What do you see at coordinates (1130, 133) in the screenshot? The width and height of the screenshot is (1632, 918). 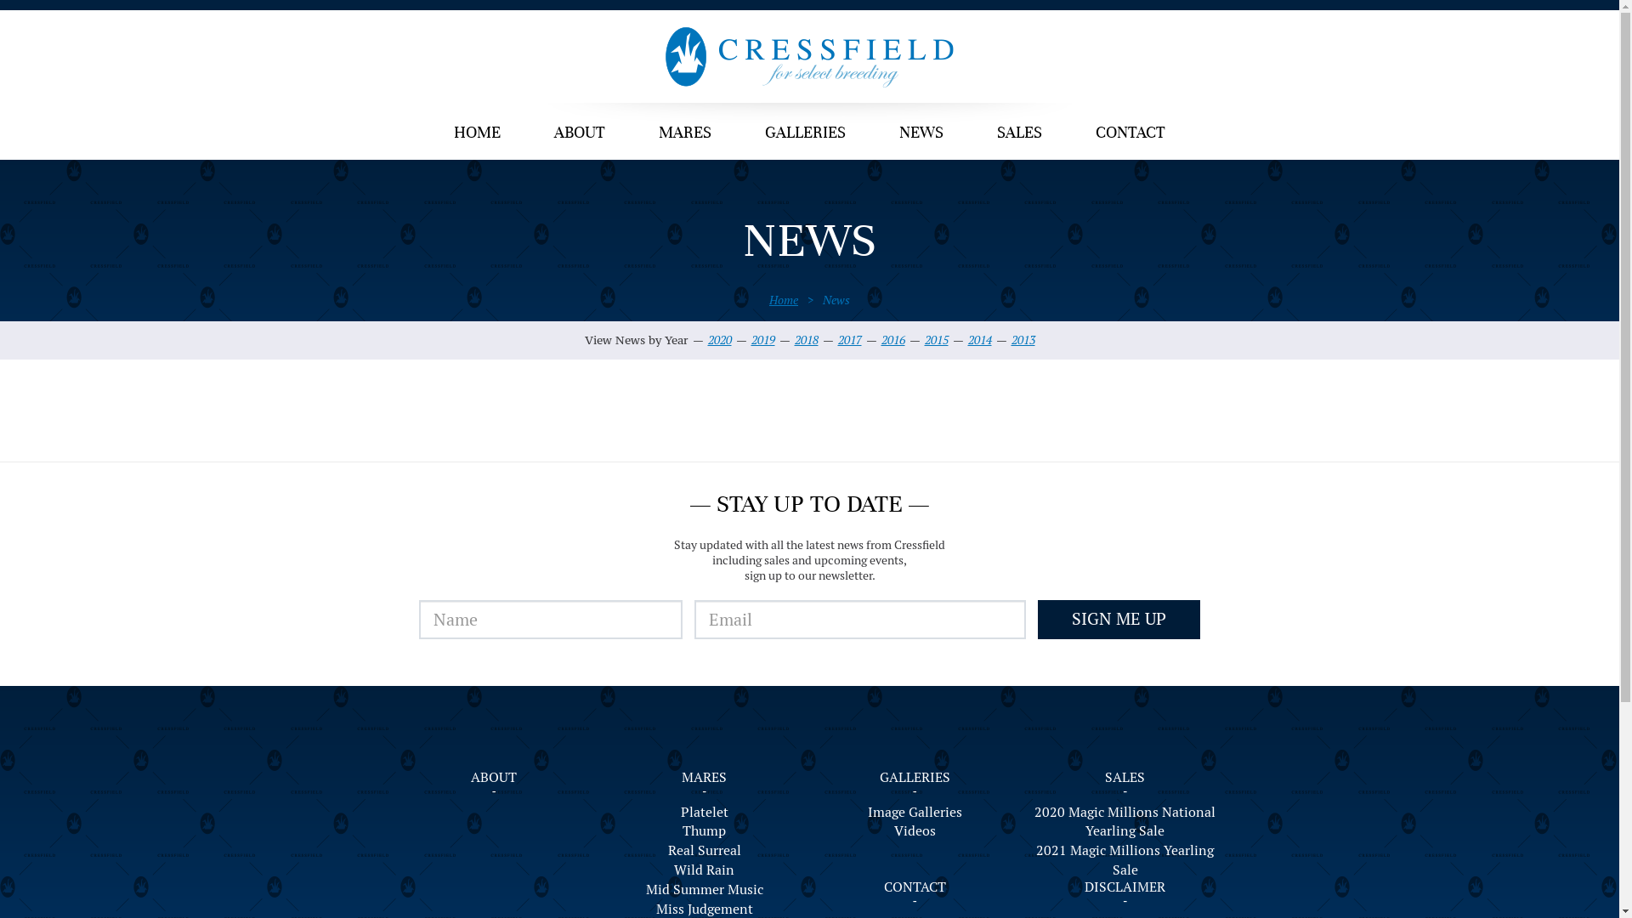 I see `'CONTACT'` at bounding box center [1130, 133].